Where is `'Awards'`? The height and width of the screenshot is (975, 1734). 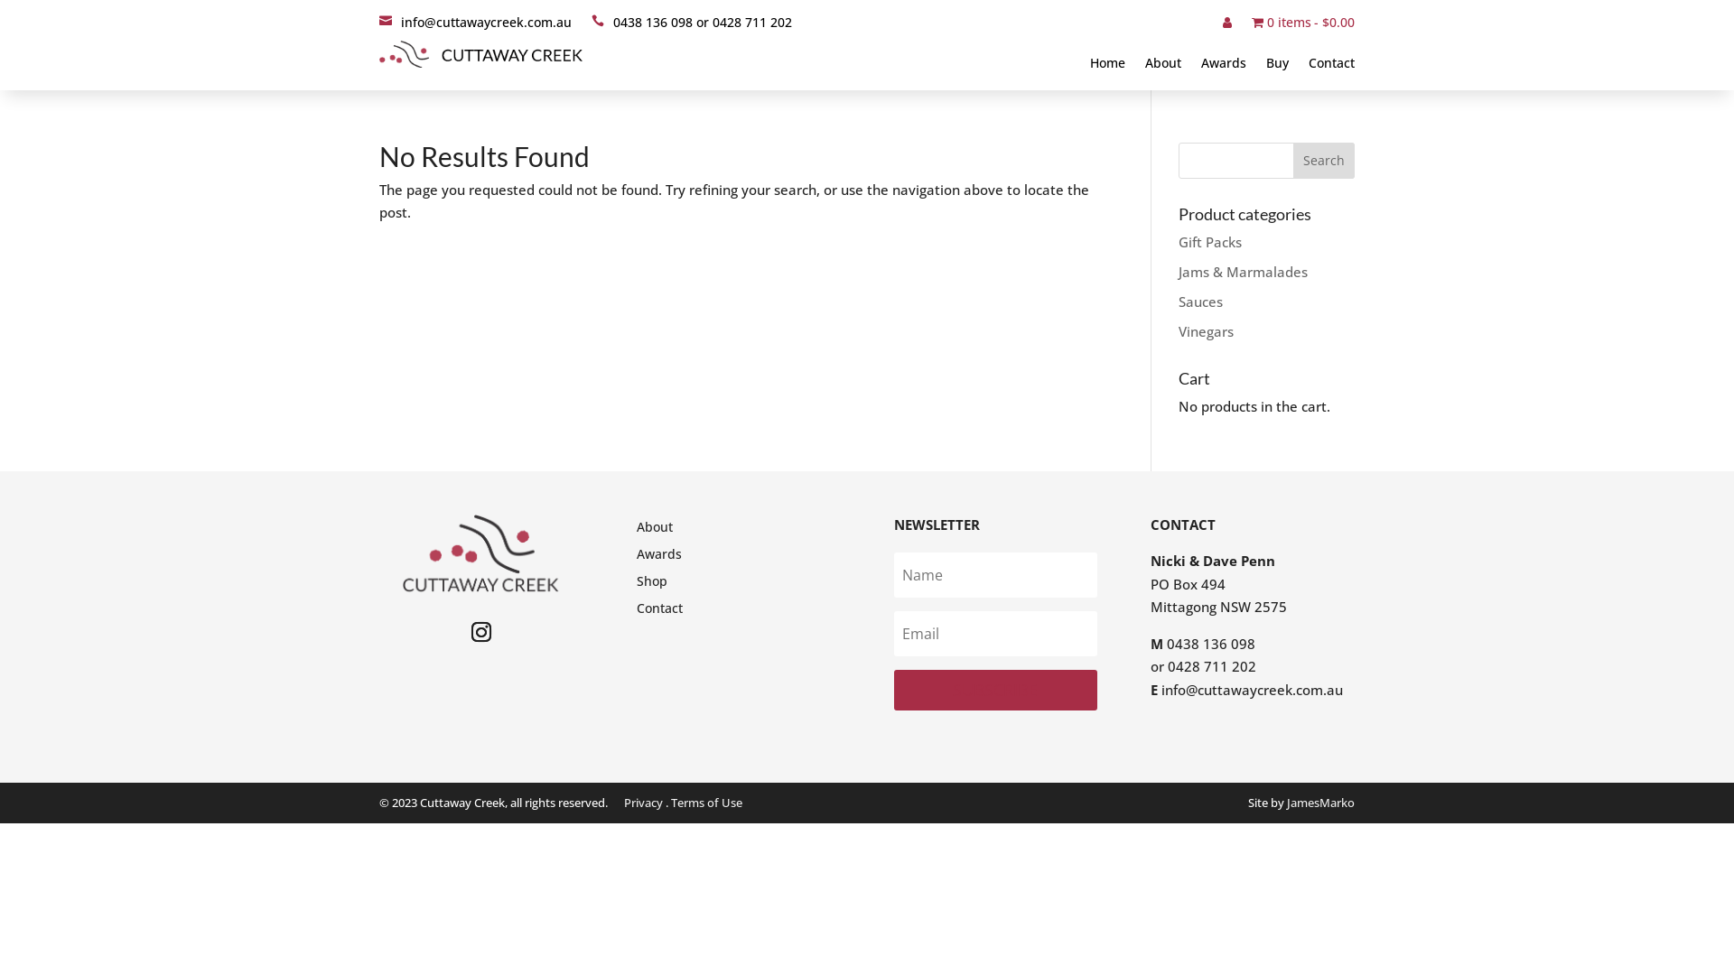 'Awards' is located at coordinates (1223, 65).